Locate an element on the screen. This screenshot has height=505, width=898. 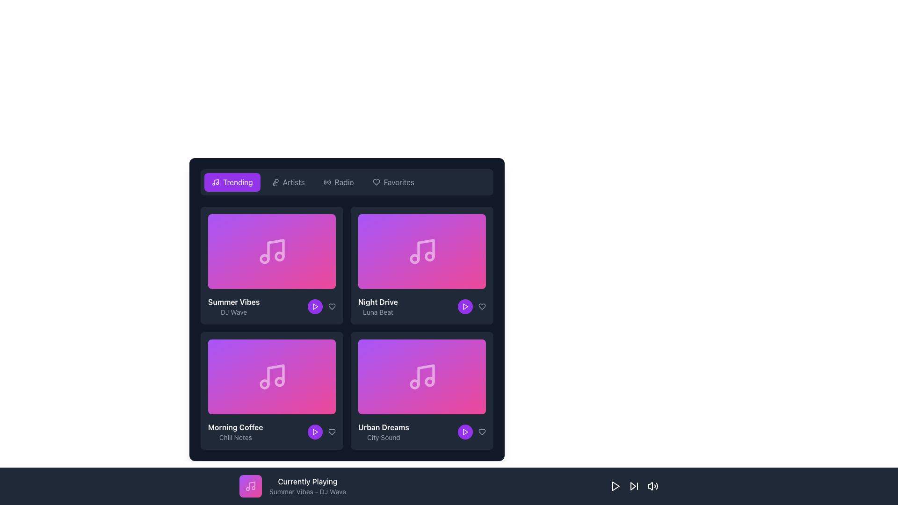
the music graphic icon representing the 'Urban Dreams' selection located at the top center of the bottom-right music card is located at coordinates (421, 376).